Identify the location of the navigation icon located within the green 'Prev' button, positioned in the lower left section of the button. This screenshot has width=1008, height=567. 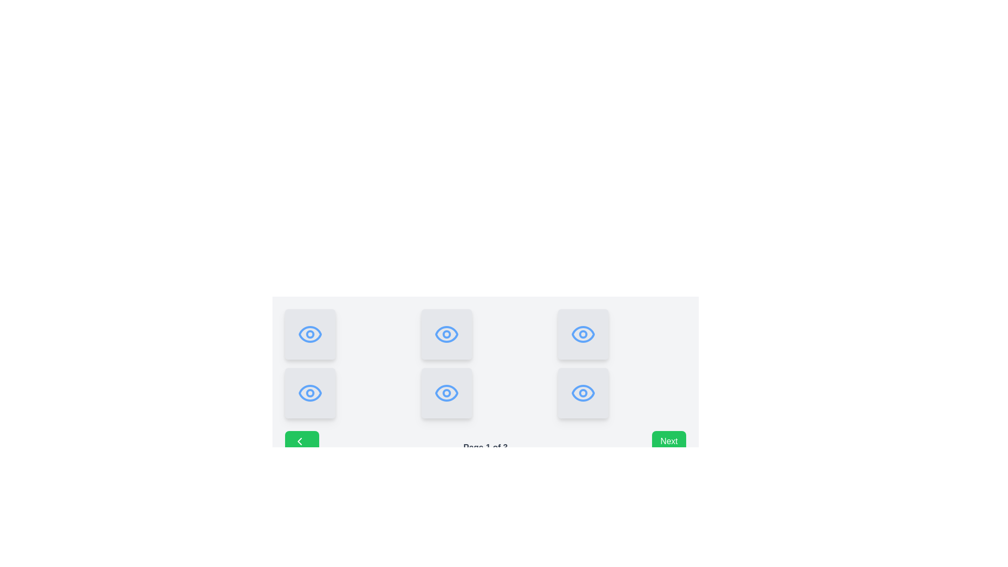
(299, 441).